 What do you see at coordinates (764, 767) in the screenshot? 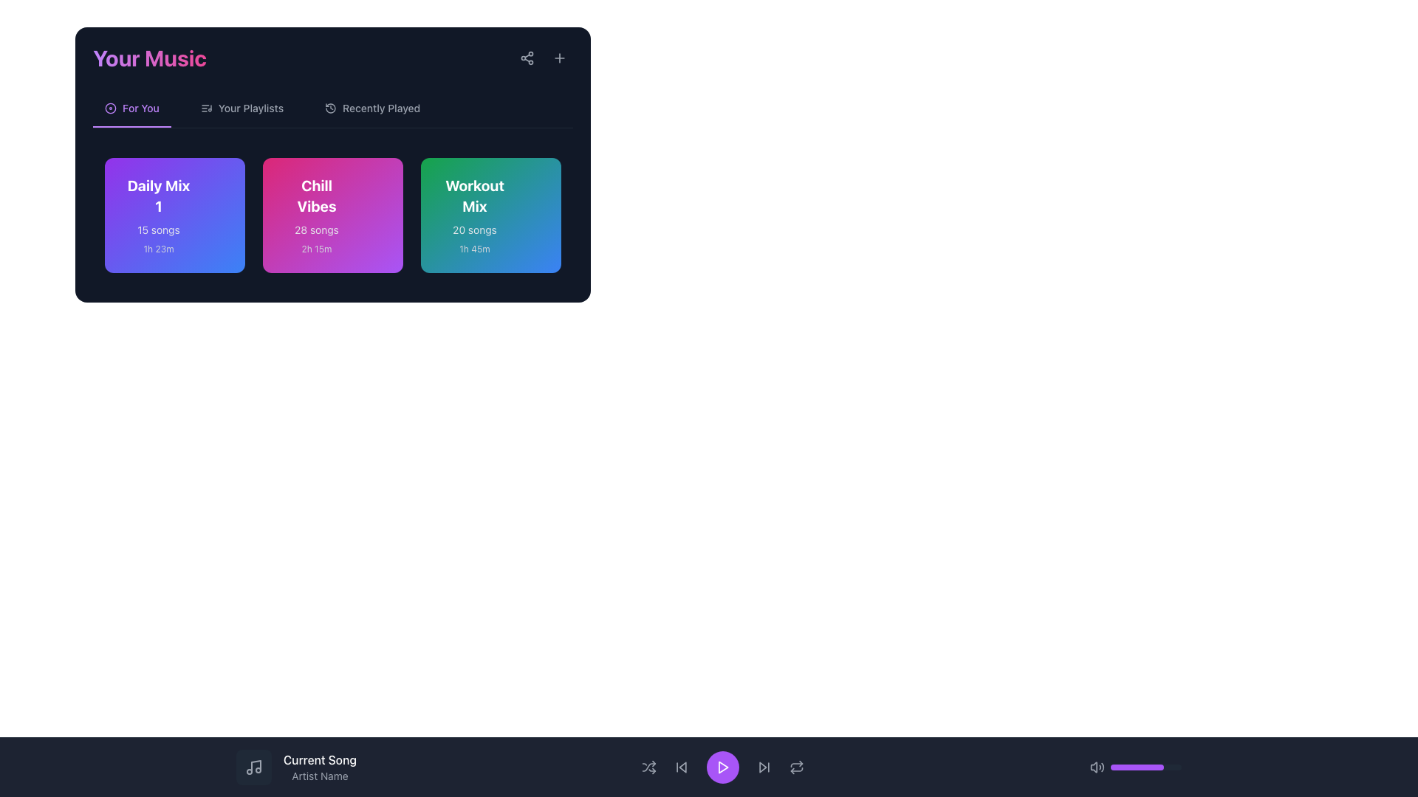
I see `the skip-forward button icon, which is styled gray and located on the player bar to the right of the play button` at bounding box center [764, 767].